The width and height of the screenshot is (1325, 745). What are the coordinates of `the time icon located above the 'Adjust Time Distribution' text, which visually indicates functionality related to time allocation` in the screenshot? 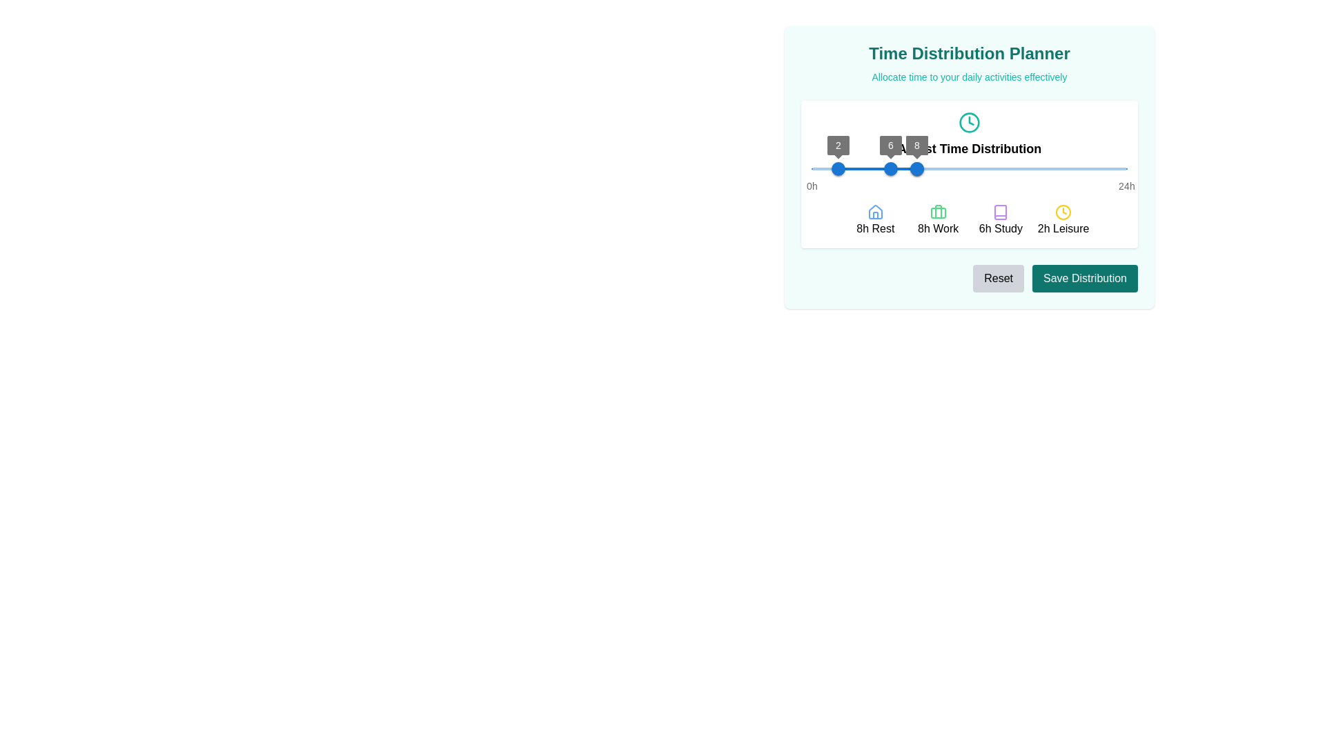 It's located at (969, 121).